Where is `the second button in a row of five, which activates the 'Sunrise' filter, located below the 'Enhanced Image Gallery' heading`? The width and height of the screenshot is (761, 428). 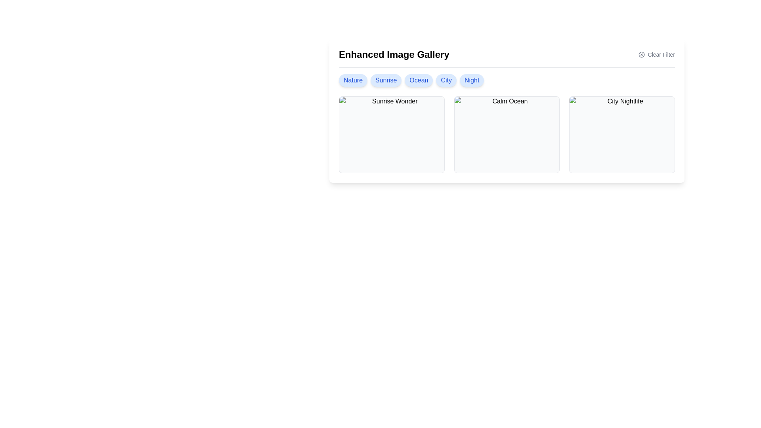
the second button in a row of five, which activates the 'Sunrise' filter, located below the 'Enhanced Image Gallery' heading is located at coordinates (386, 80).